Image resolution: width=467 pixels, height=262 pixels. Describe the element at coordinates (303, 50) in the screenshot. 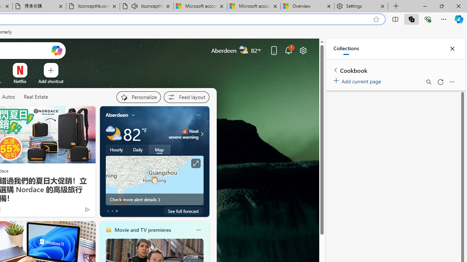

I see `'Page settings'` at that location.